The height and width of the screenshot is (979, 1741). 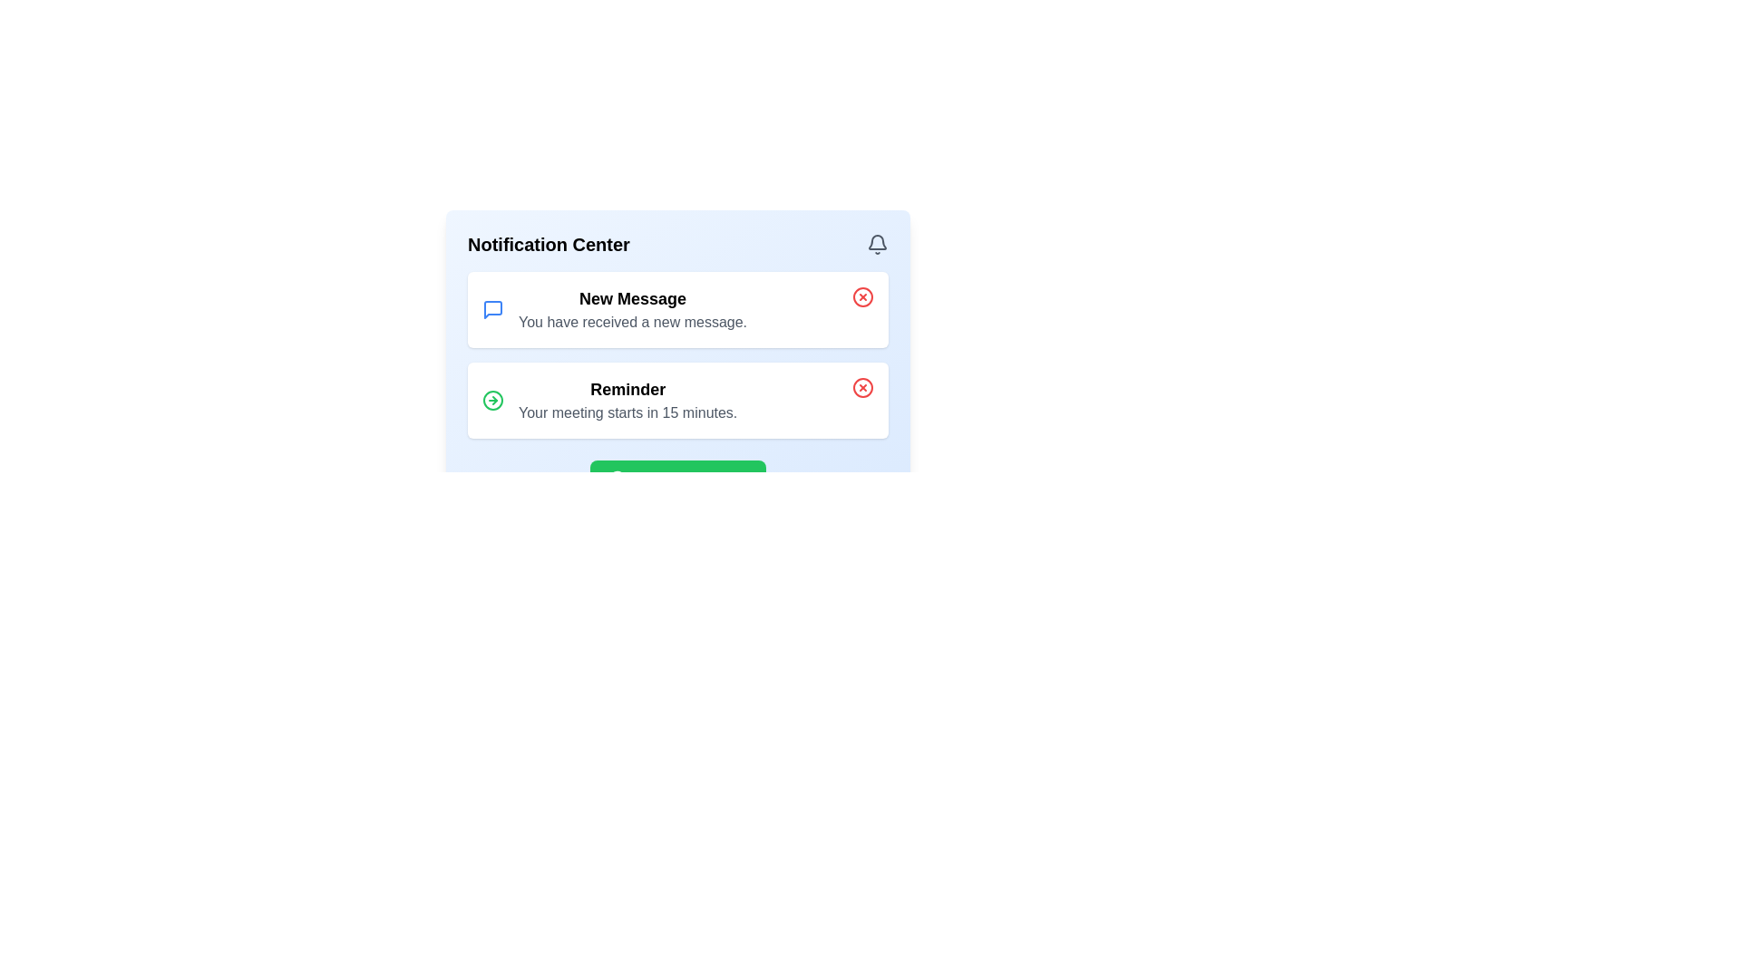 What do you see at coordinates (627, 412) in the screenshot?
I see `notification content which alerts the user of an upcoming meeting within 15 minutes, located in the notification card below the 'Reminder' text in the Notification Center` at bounding box center [627, 412].